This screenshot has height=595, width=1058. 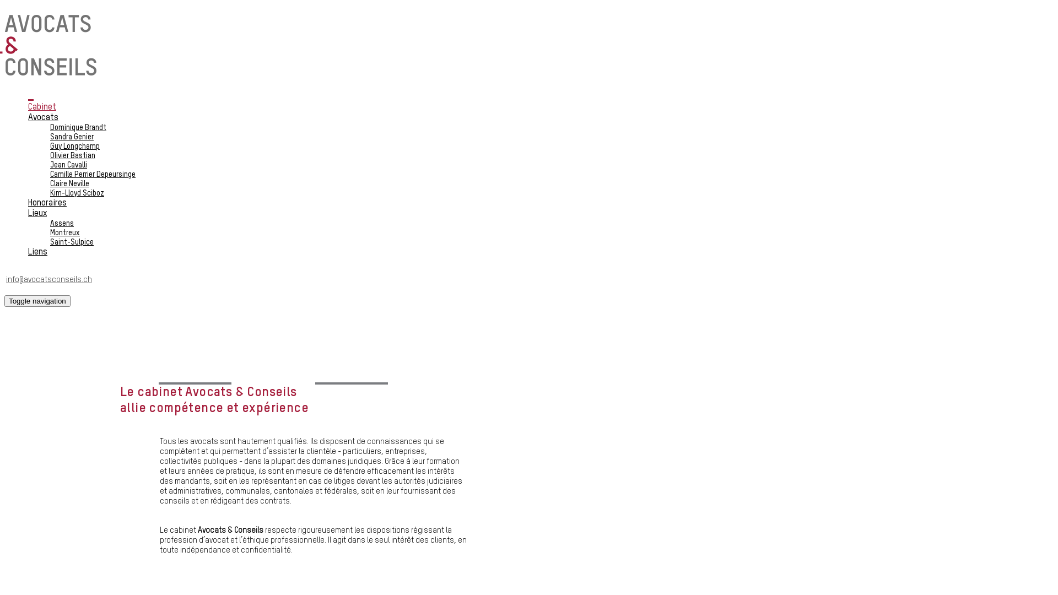 What do you see at coordinates (4, 4) in the screenshot?
I see `'Aller au contenu principal'` at bounding box center [4, 4].